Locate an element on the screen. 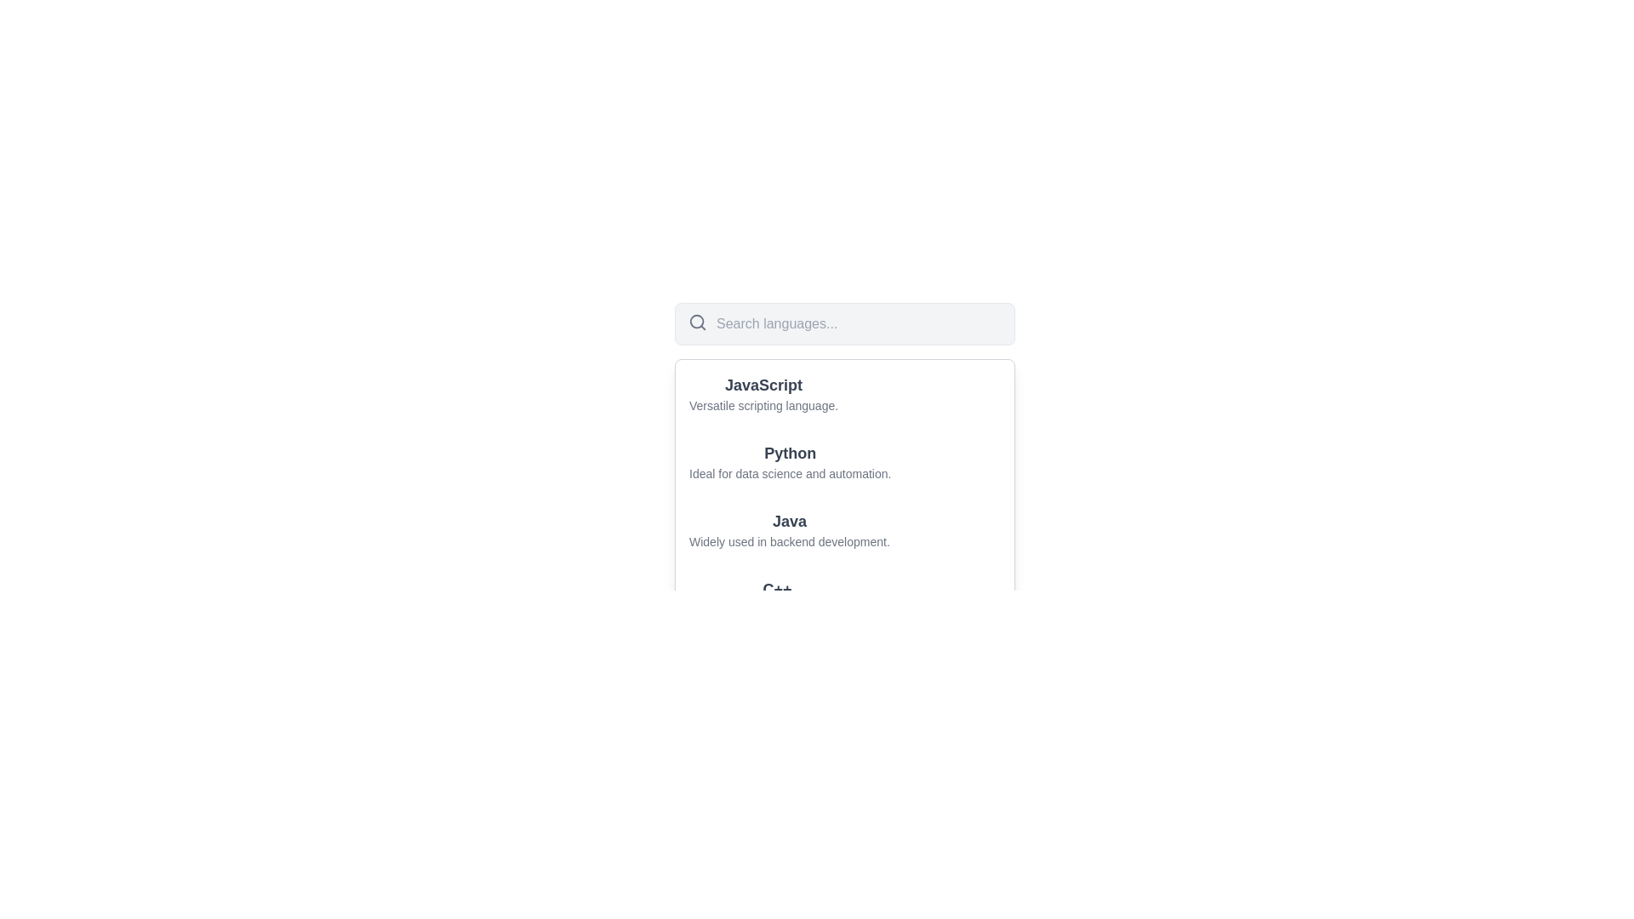 This screenshot has width=1634, height=919. the last Informational list item which displays 'C++' in bold dark gray with supporting text 'Popular for system programming.' beneath it is located at coordinates (776, 596).